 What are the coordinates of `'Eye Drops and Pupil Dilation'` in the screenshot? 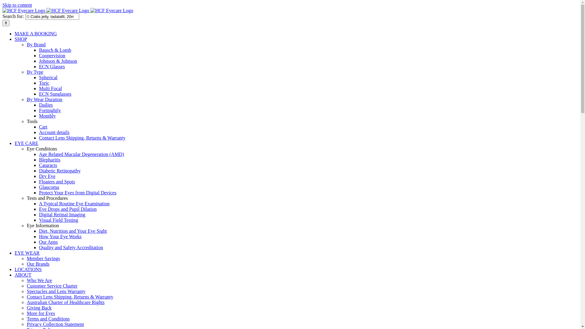 It's located at (68, 209).